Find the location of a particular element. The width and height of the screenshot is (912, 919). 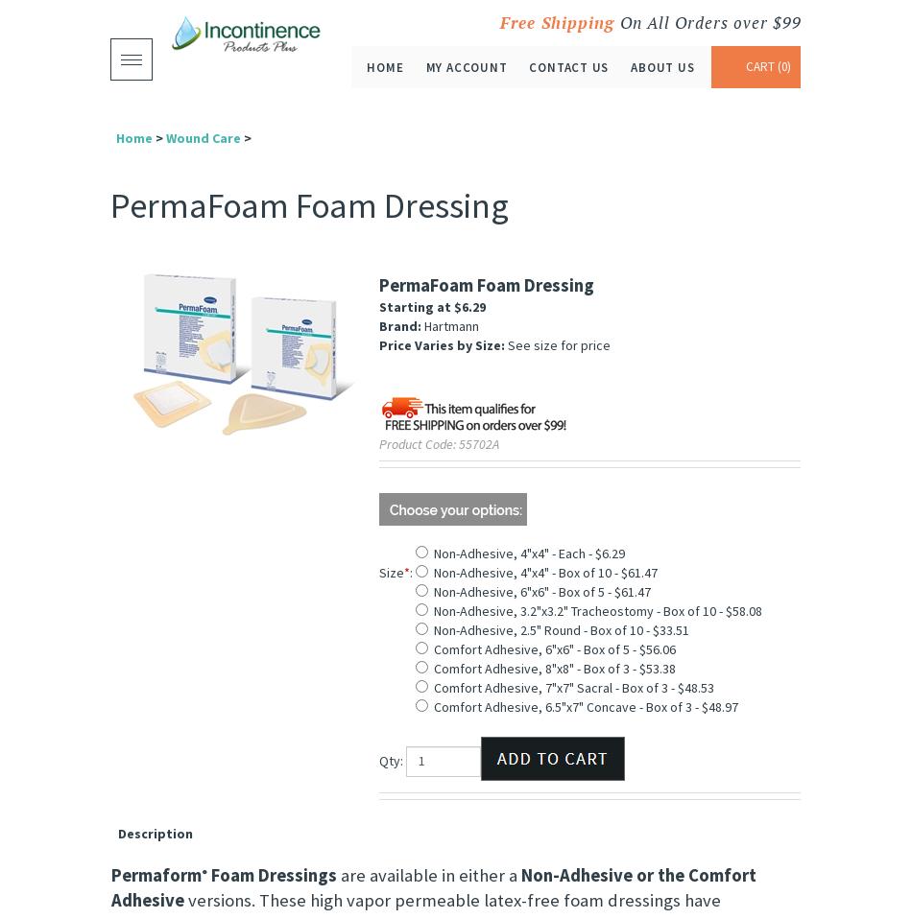

'Alternative Views:' is located at coordinates (242, 500).